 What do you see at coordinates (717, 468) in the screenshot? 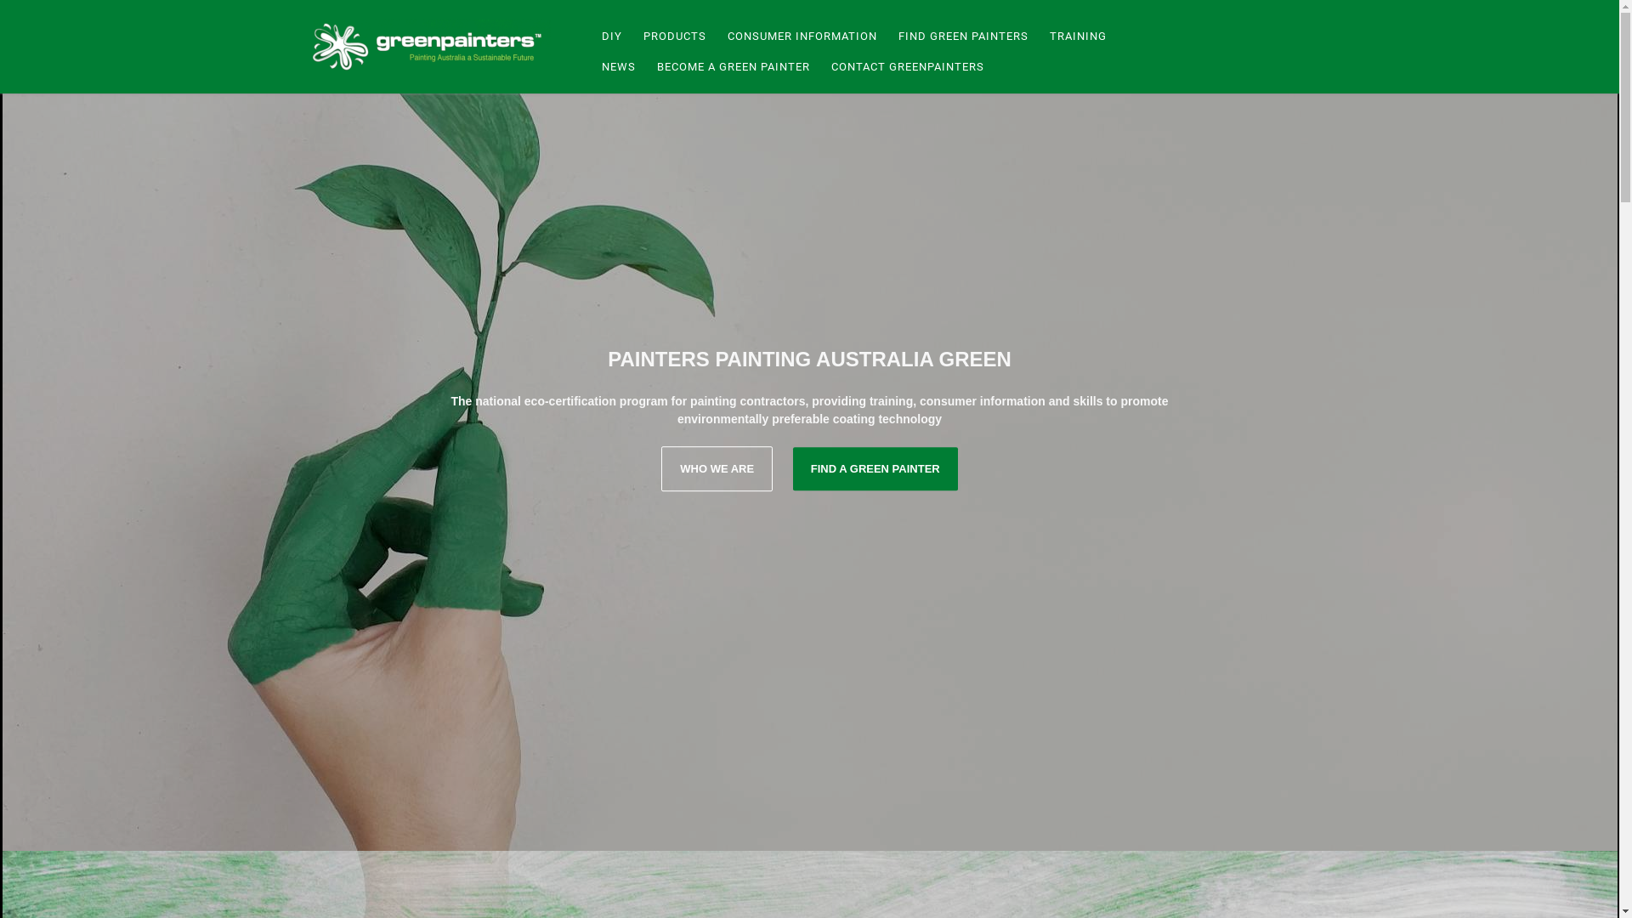
I see `'WHO WE ARE'` at bounding box center [717, 468].